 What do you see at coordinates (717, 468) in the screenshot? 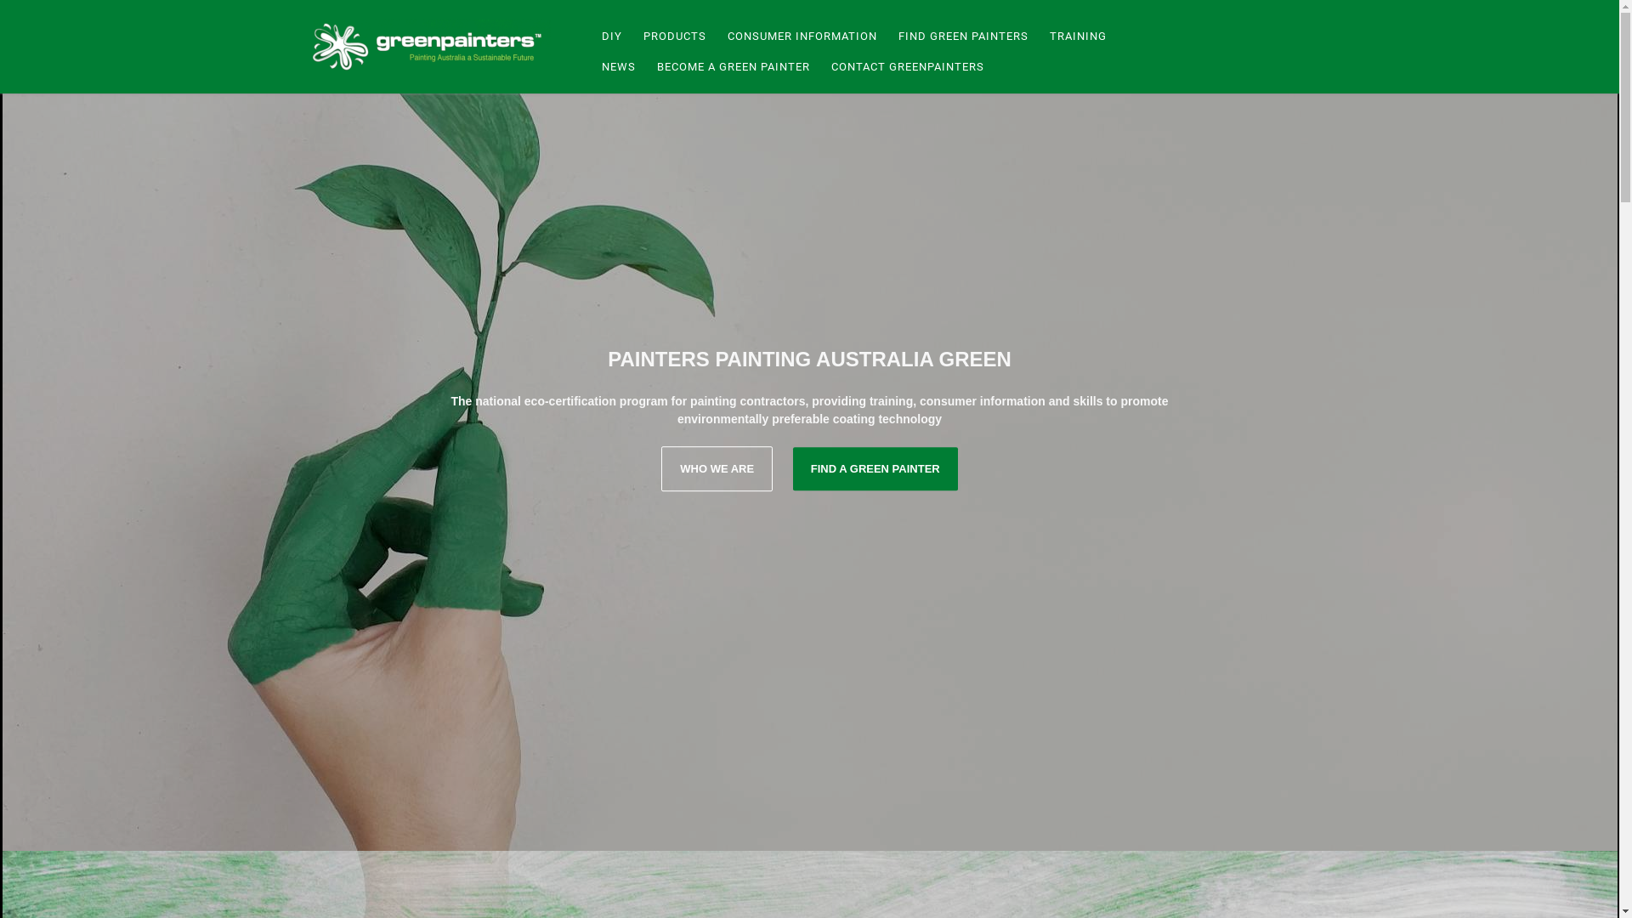
I see `'WHO WE ARE'` at bounding box center [717, 468].